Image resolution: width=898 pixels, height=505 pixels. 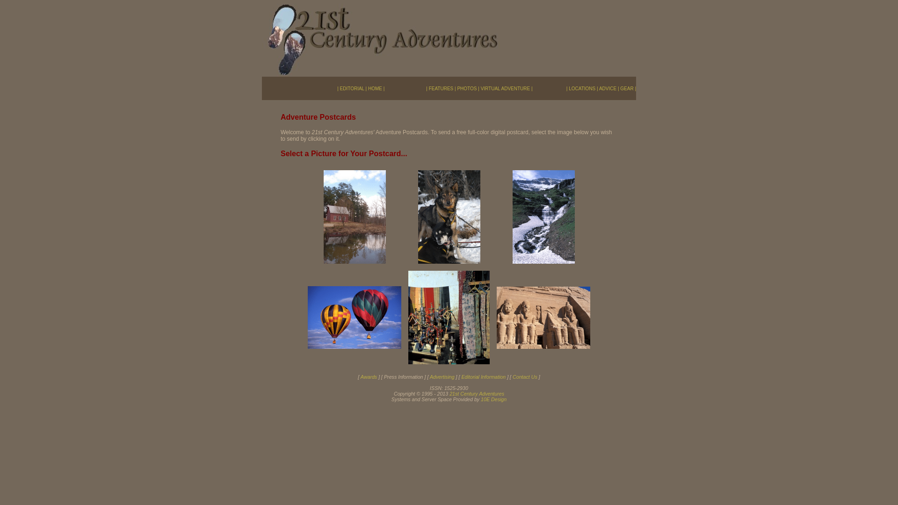 I want to click on 'LOCATIONS', so click(x=581, y=88).